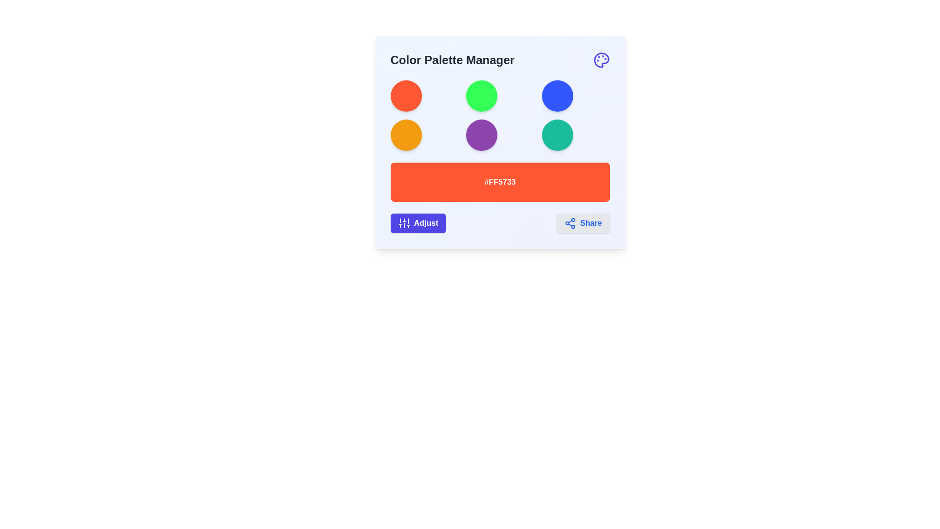 Image resolution: width=940 pixels, height=529 pixels. I want to click on the Display label that shows the currently selected color and its hexadecimal code, located underneath the circular color options in the Color Palette Manager, so click(500, 182).